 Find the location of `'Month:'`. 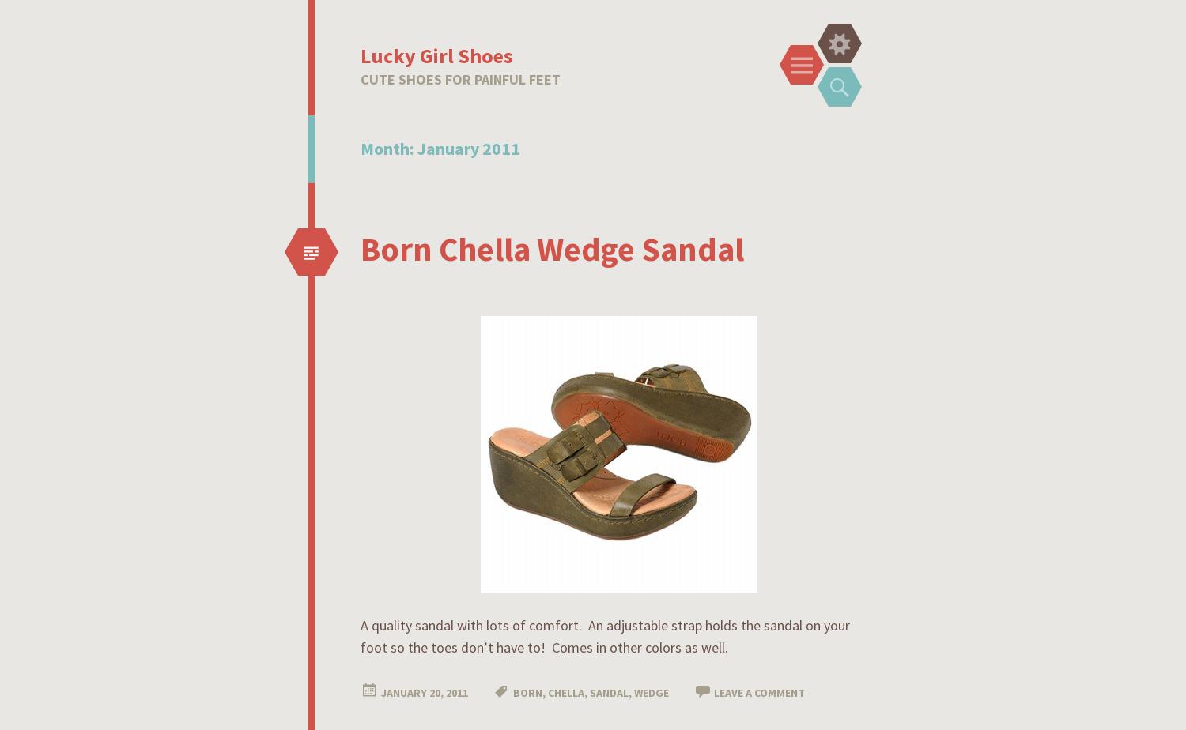

'Month:' is located at coordinates (360, 148).